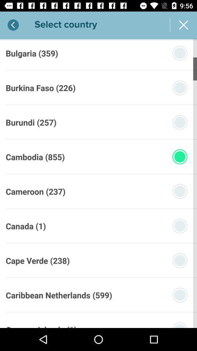  Describe the element at coordinates (41, 325) in the screenshot. I see `the cayman islands (1)` at that location.